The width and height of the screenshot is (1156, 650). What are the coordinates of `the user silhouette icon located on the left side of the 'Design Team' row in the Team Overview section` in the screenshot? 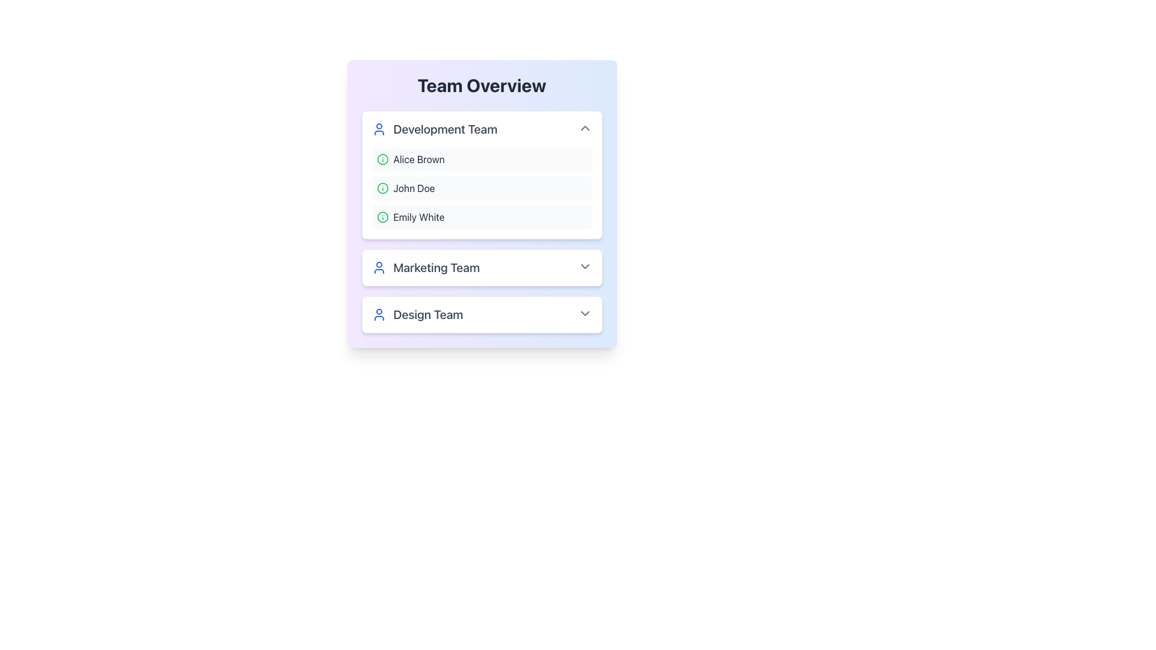 It's located at (378, 314).